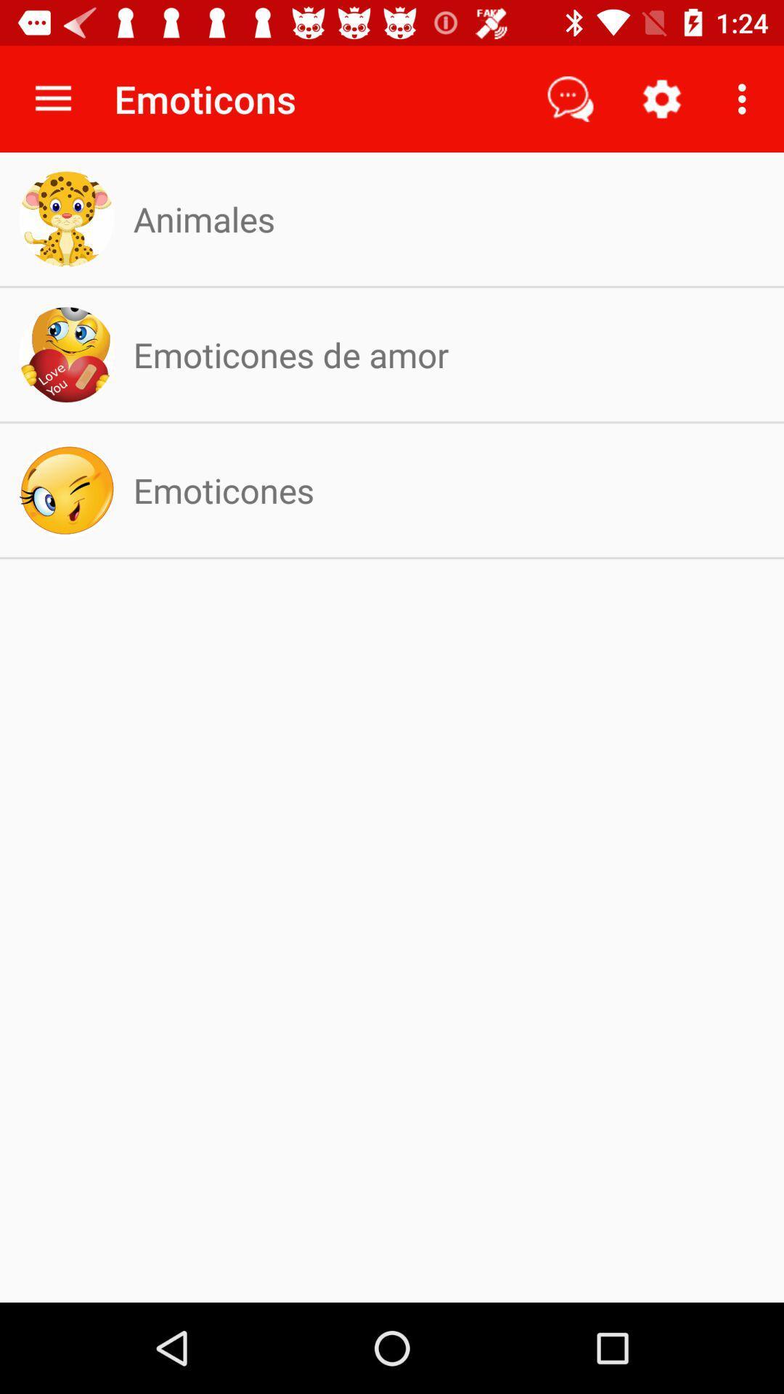  I want to click on the app below the emoticons app, so click(204, 218).